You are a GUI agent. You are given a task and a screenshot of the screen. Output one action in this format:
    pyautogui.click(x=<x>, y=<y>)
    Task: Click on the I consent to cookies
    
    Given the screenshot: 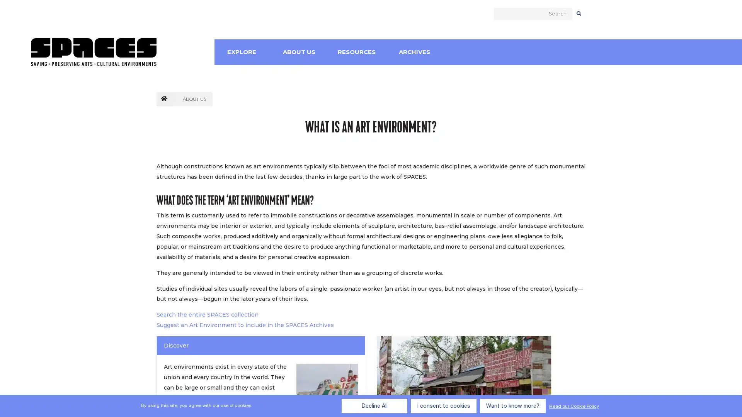 What is the action you would take?
    pyautogui.click(x=443, y=405)
    